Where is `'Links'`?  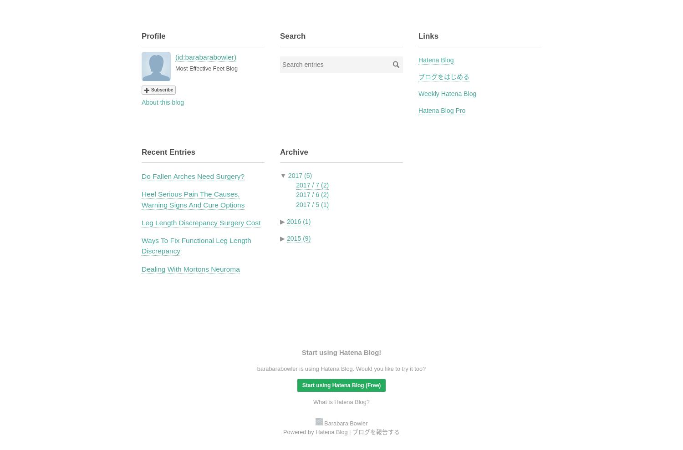 'Links' is located at coordinates (428, 36).